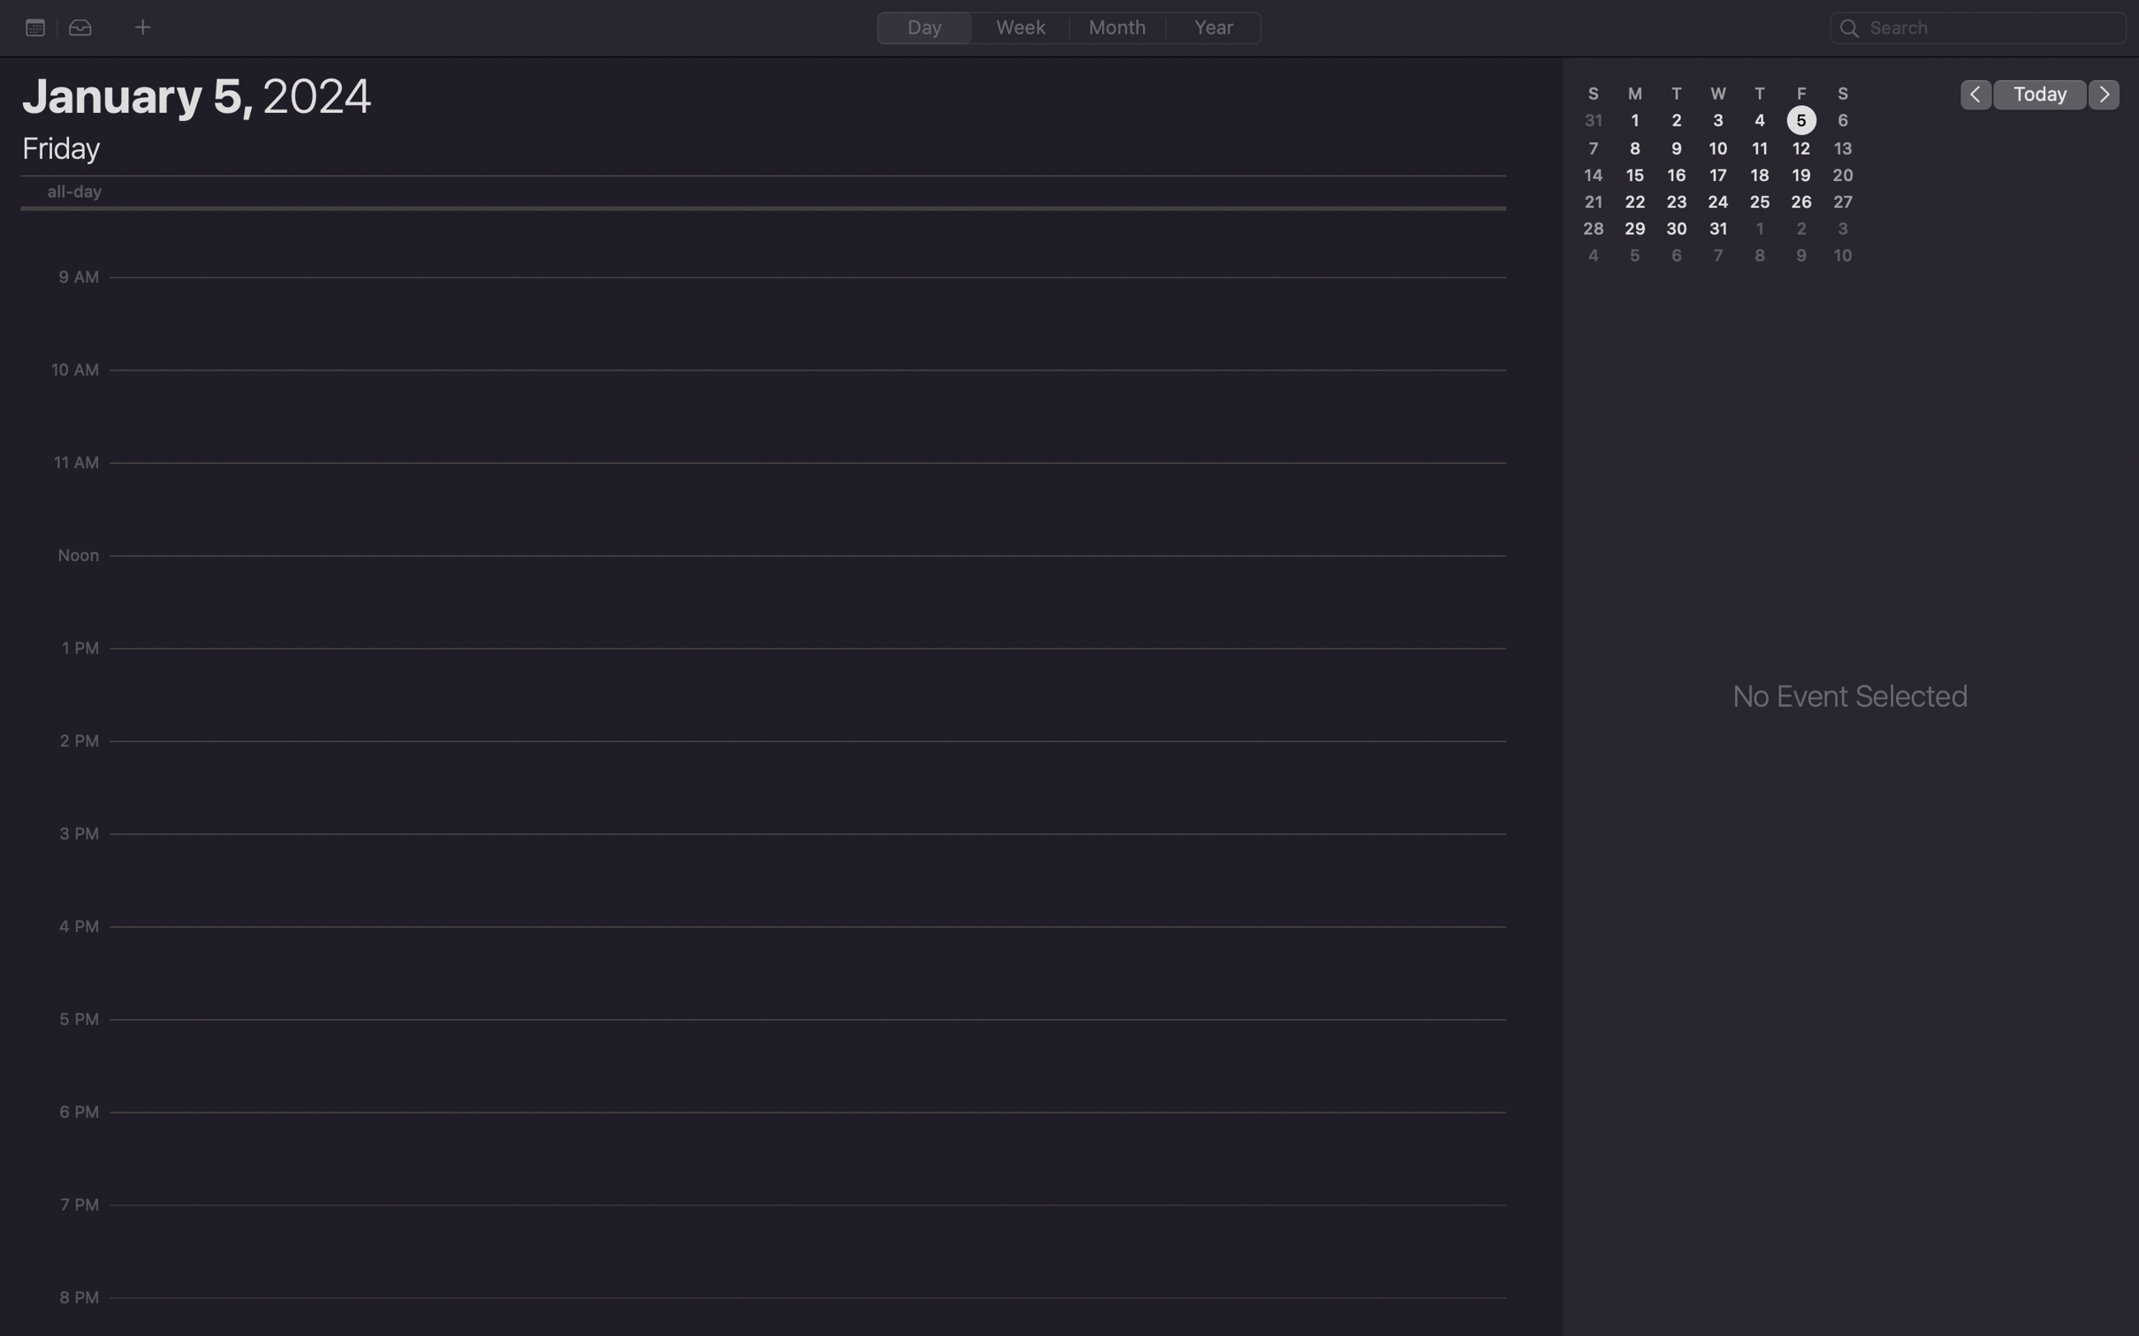  I want to click on the day view on the calendar, so click(924, 27).